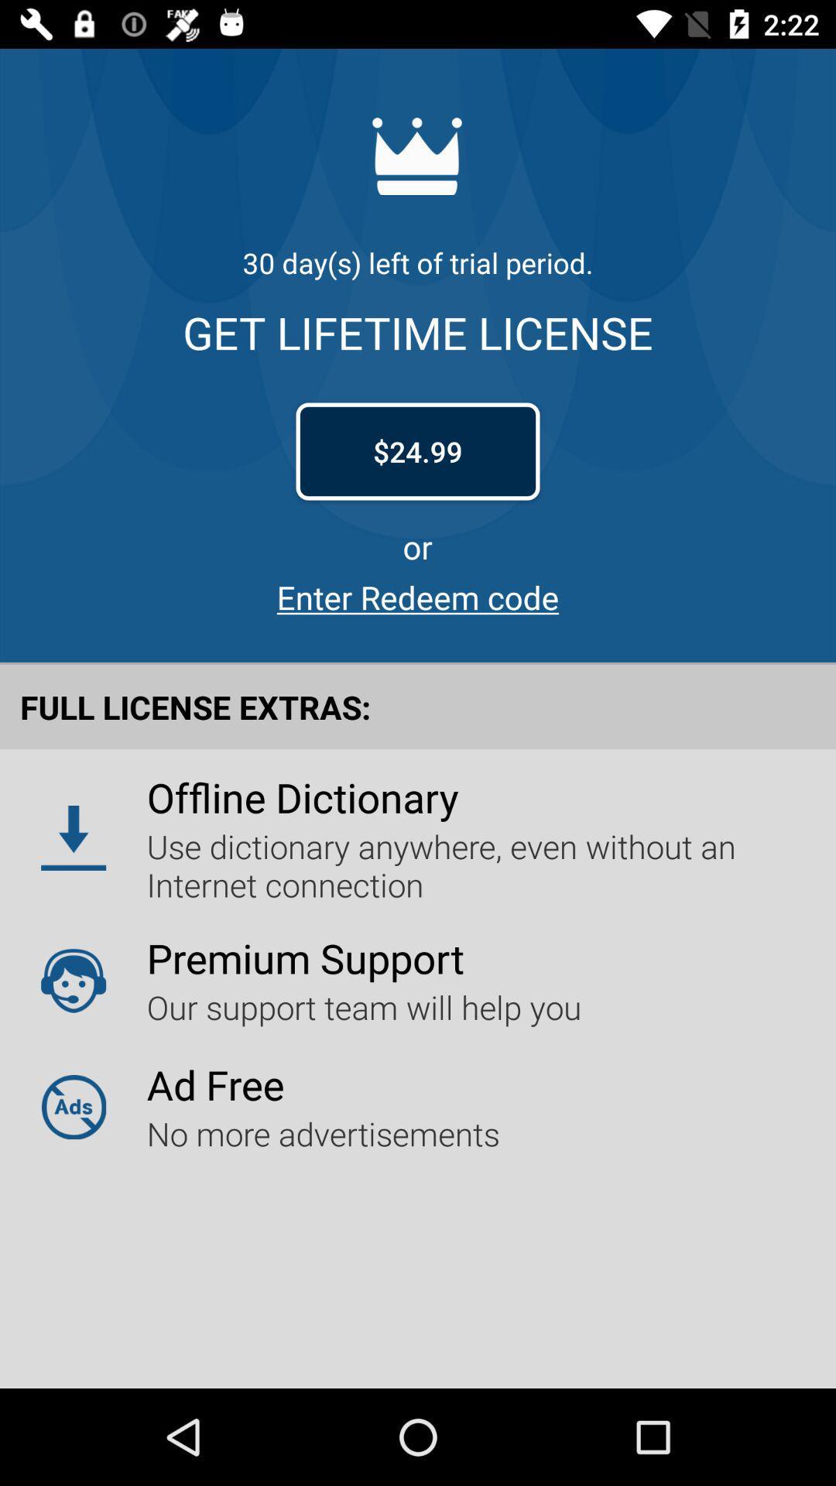 The image size is (836, 1486). What do you see at coordinates (418, 450) in the screenshot?
I see `icon above or item` at bounding box center [418, 450].